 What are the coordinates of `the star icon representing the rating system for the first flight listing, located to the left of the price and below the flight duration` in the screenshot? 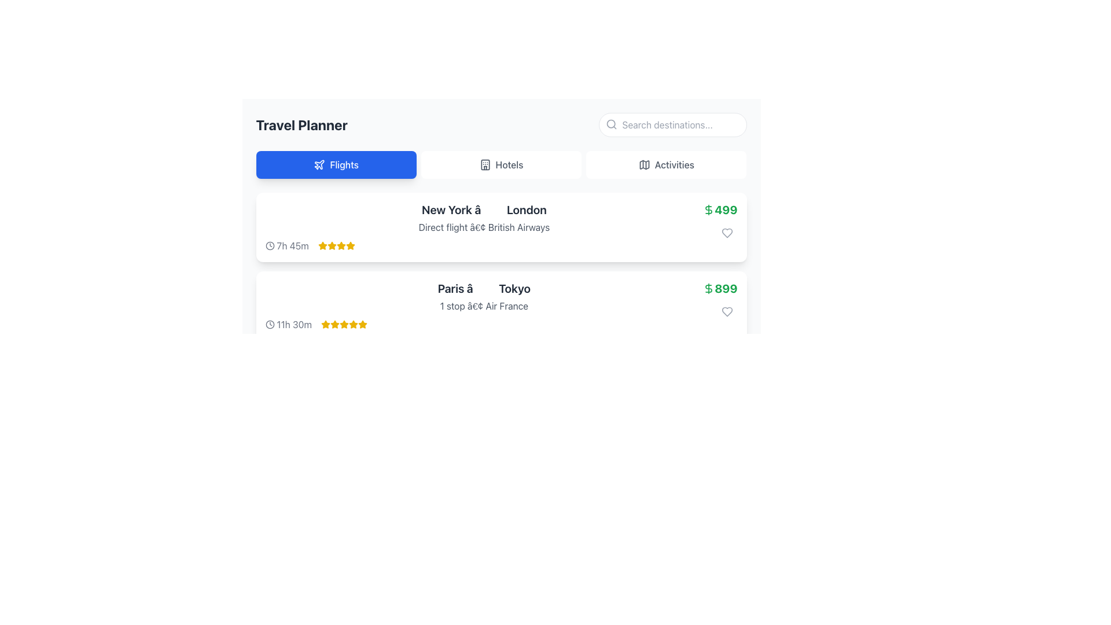 It's located at (322, 245).